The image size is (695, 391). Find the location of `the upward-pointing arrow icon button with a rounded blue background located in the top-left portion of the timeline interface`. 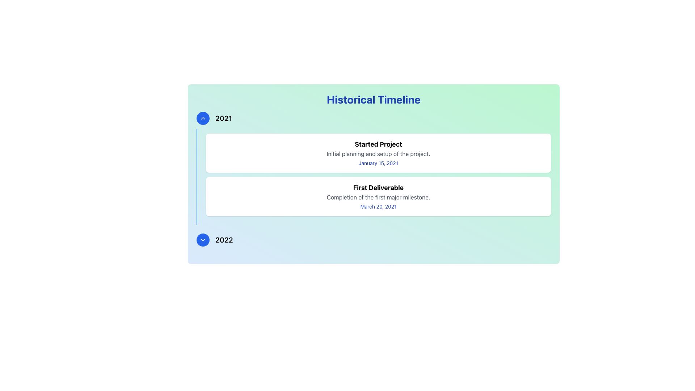

the upward-pointing arrow icon button with a rounded blue background located in the top-left portion of the timeline interface is located at coordinates (203, 118).